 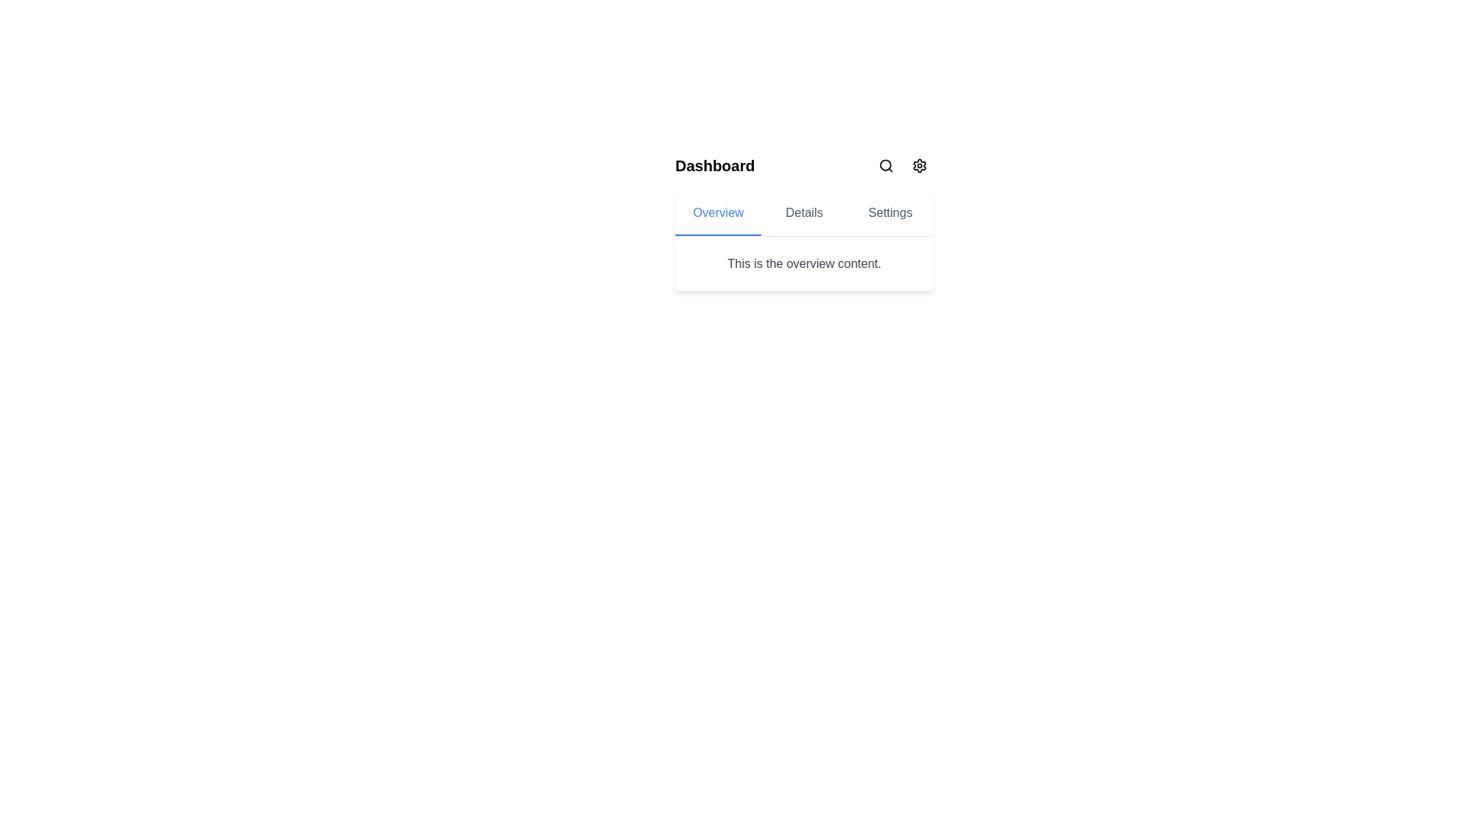 What do you see at coordinates (717, 214) in the screenshot?
I see `the 'Overview' tab located at the top-left of the main content area` at bounding box center [717, 214].